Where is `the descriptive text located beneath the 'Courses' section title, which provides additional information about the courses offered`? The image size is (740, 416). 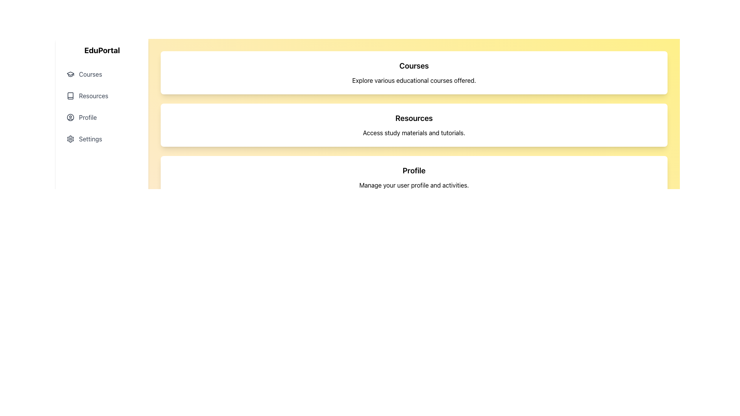 the descriptive text located beneath the 'Courses' section title, which provides additional information about the courses offered is located at coordinates (414, 80).